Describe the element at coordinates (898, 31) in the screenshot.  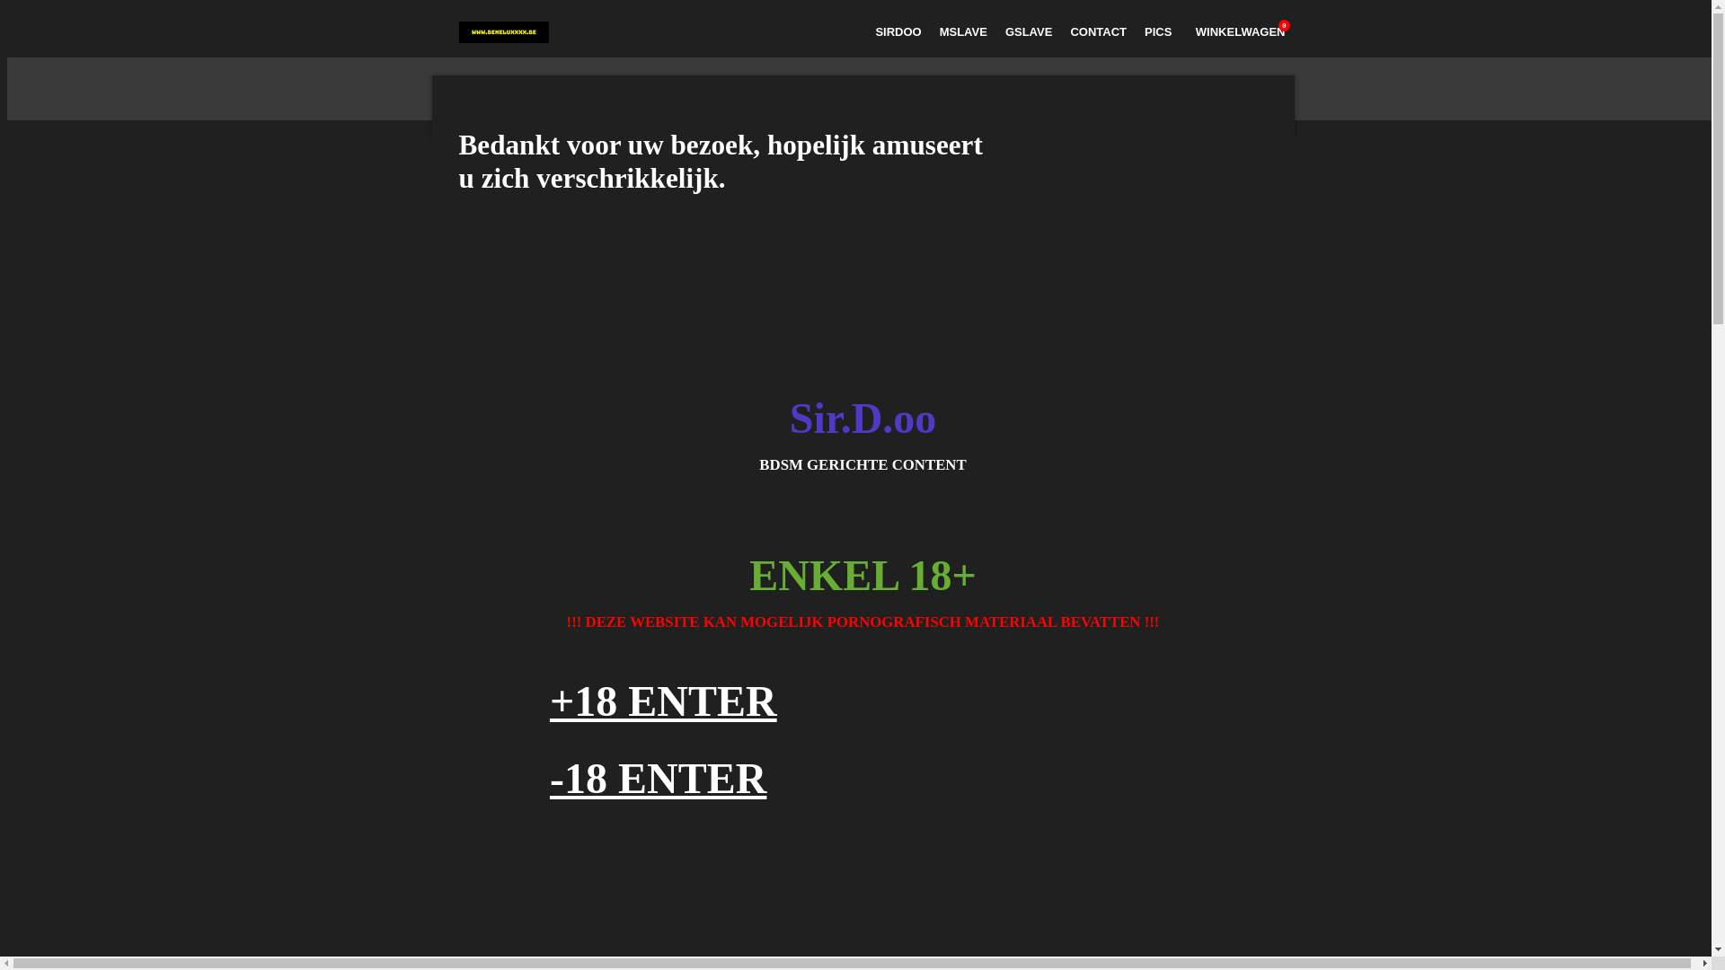
I see `'SIRDOO'` at that location.